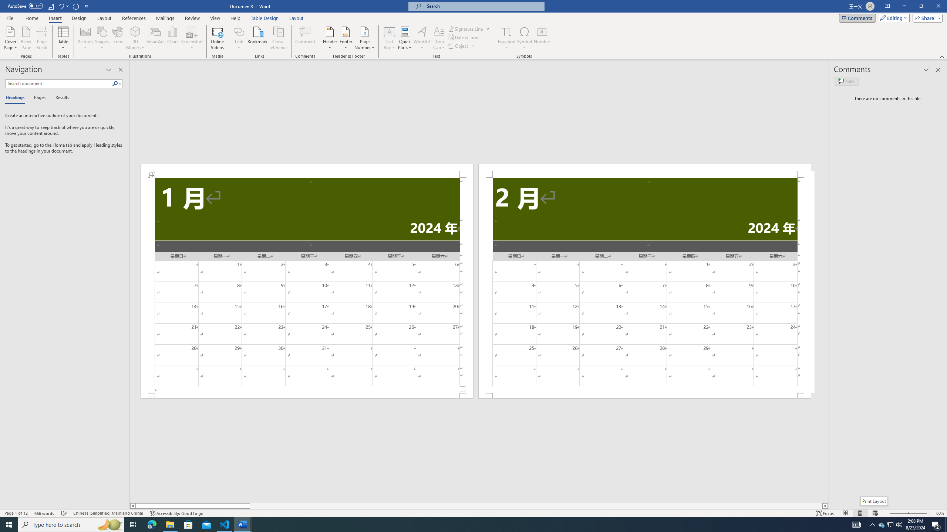  What do you see at coordinates (26, 38) in the screenshot?
I see `'Blank Page'` at bounding box center [26, 38].